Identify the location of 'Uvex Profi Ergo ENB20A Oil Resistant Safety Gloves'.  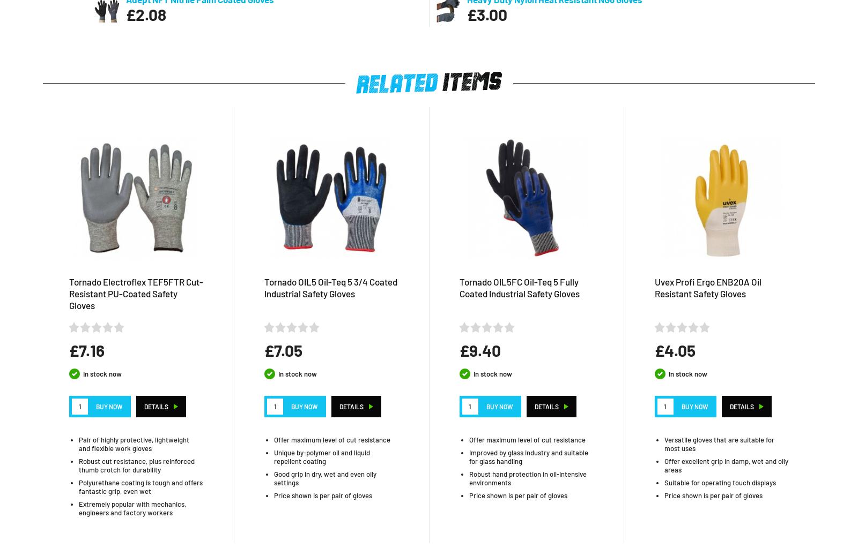
(707, 286).